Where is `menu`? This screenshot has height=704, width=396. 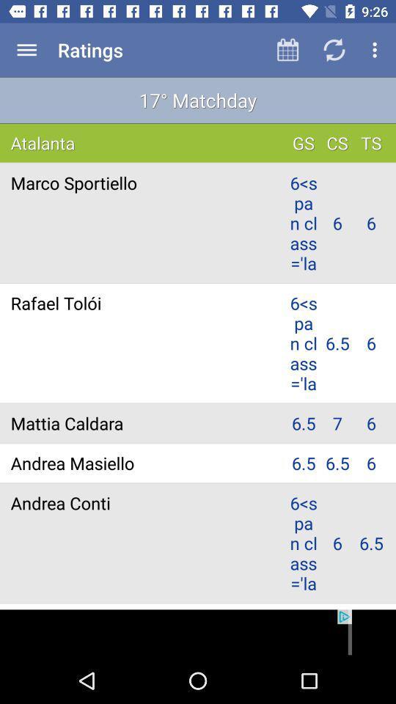 menu is located at coordinates (26, 50).